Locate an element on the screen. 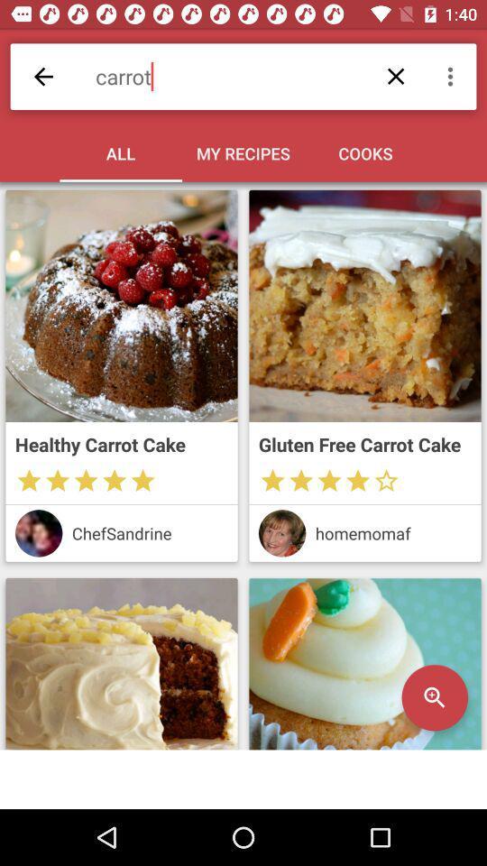 The image size is (487, 866). the icon to the right of the carrot item is located at coordinates (452, 77).